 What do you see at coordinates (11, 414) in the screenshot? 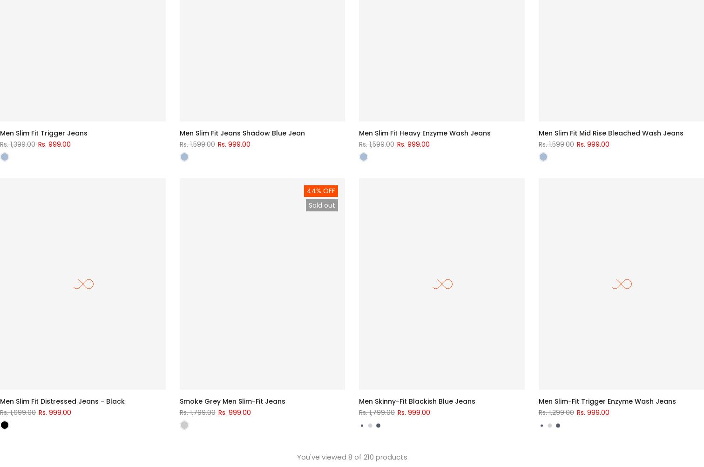
I see `'Black'` at bounding box center [11, 414].